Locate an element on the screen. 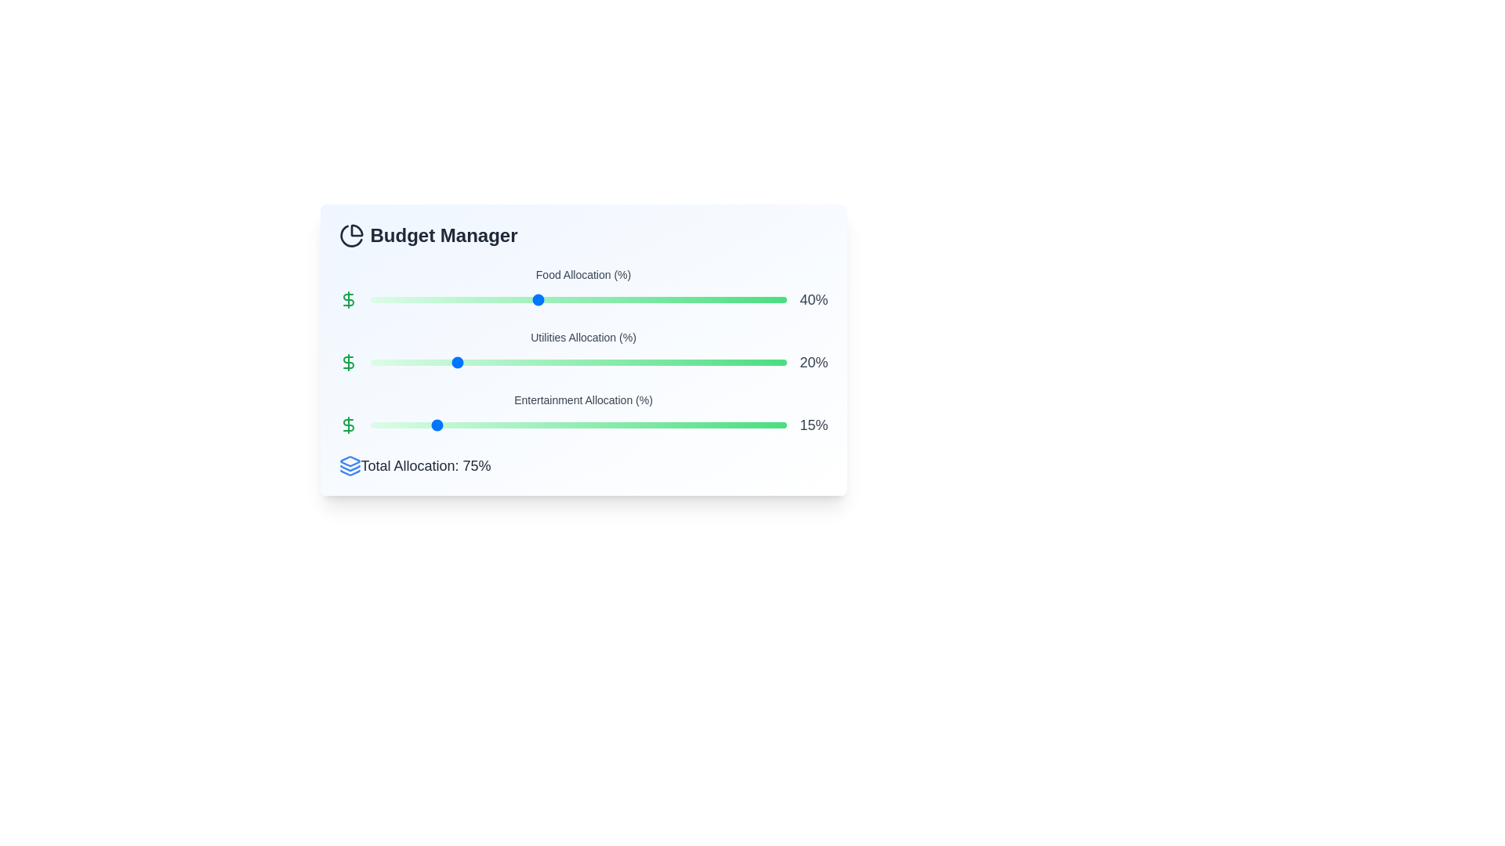 The image size is (1505, 846). the Utilities Allocation slider to 88% is located at coordinates (736, 362).